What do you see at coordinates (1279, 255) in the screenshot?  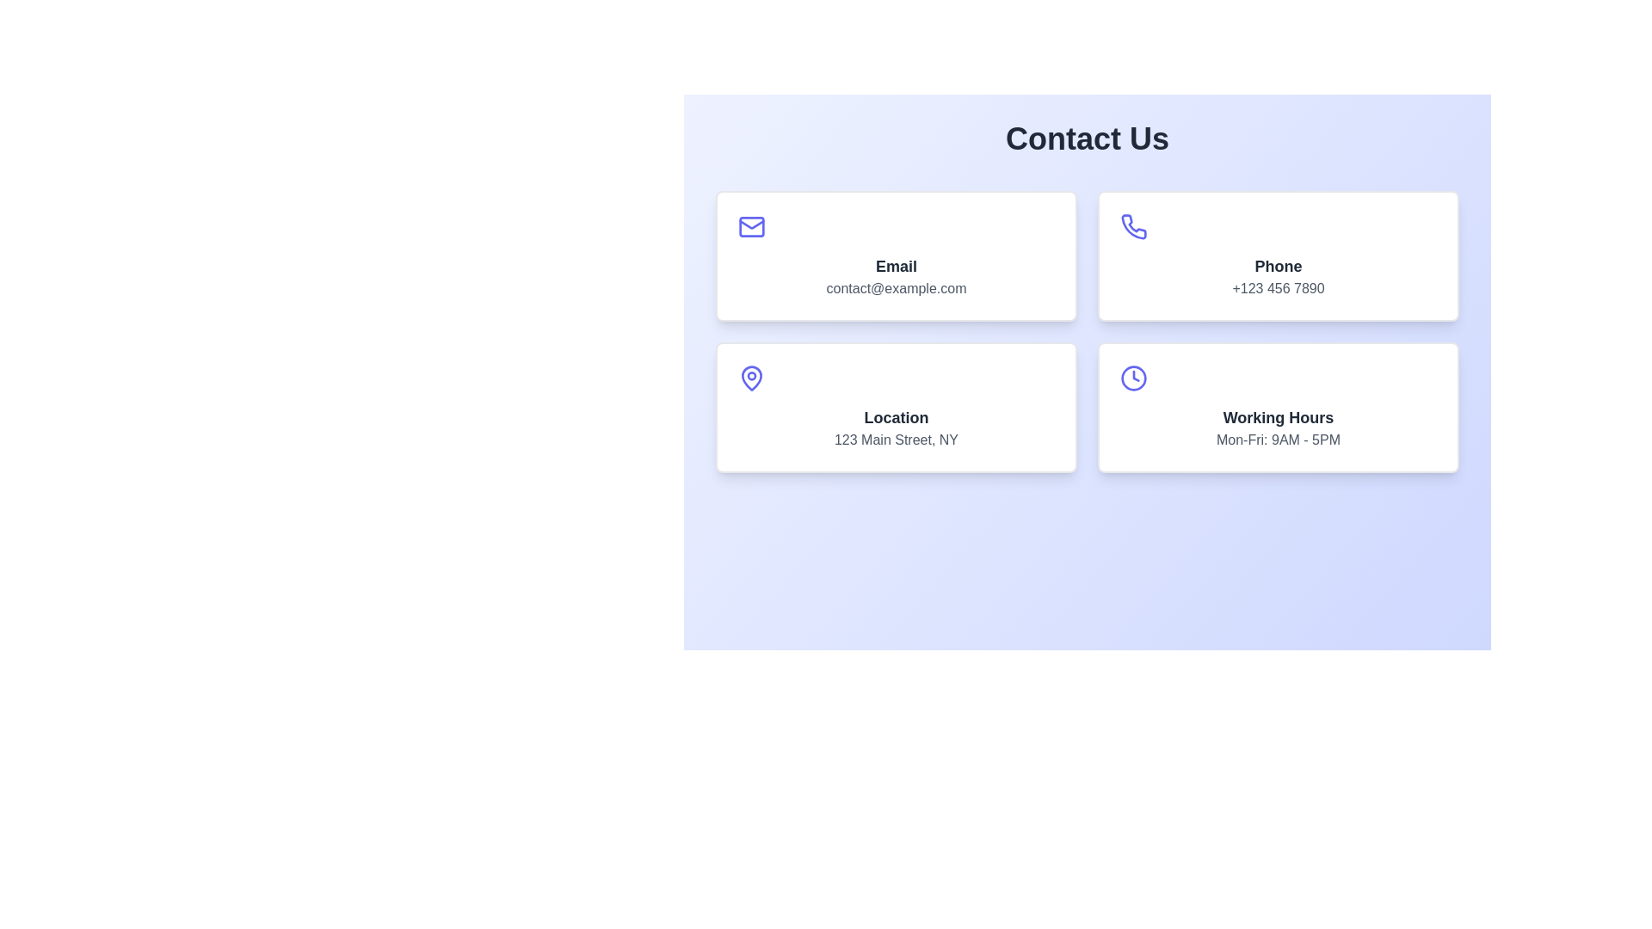 I see `contact phone number displayed on the phone card, which is the second item in the grid of contact information cards, featuring a phone icon and the phone number '+123 456 7890'` at bounding box center [1279, 255].